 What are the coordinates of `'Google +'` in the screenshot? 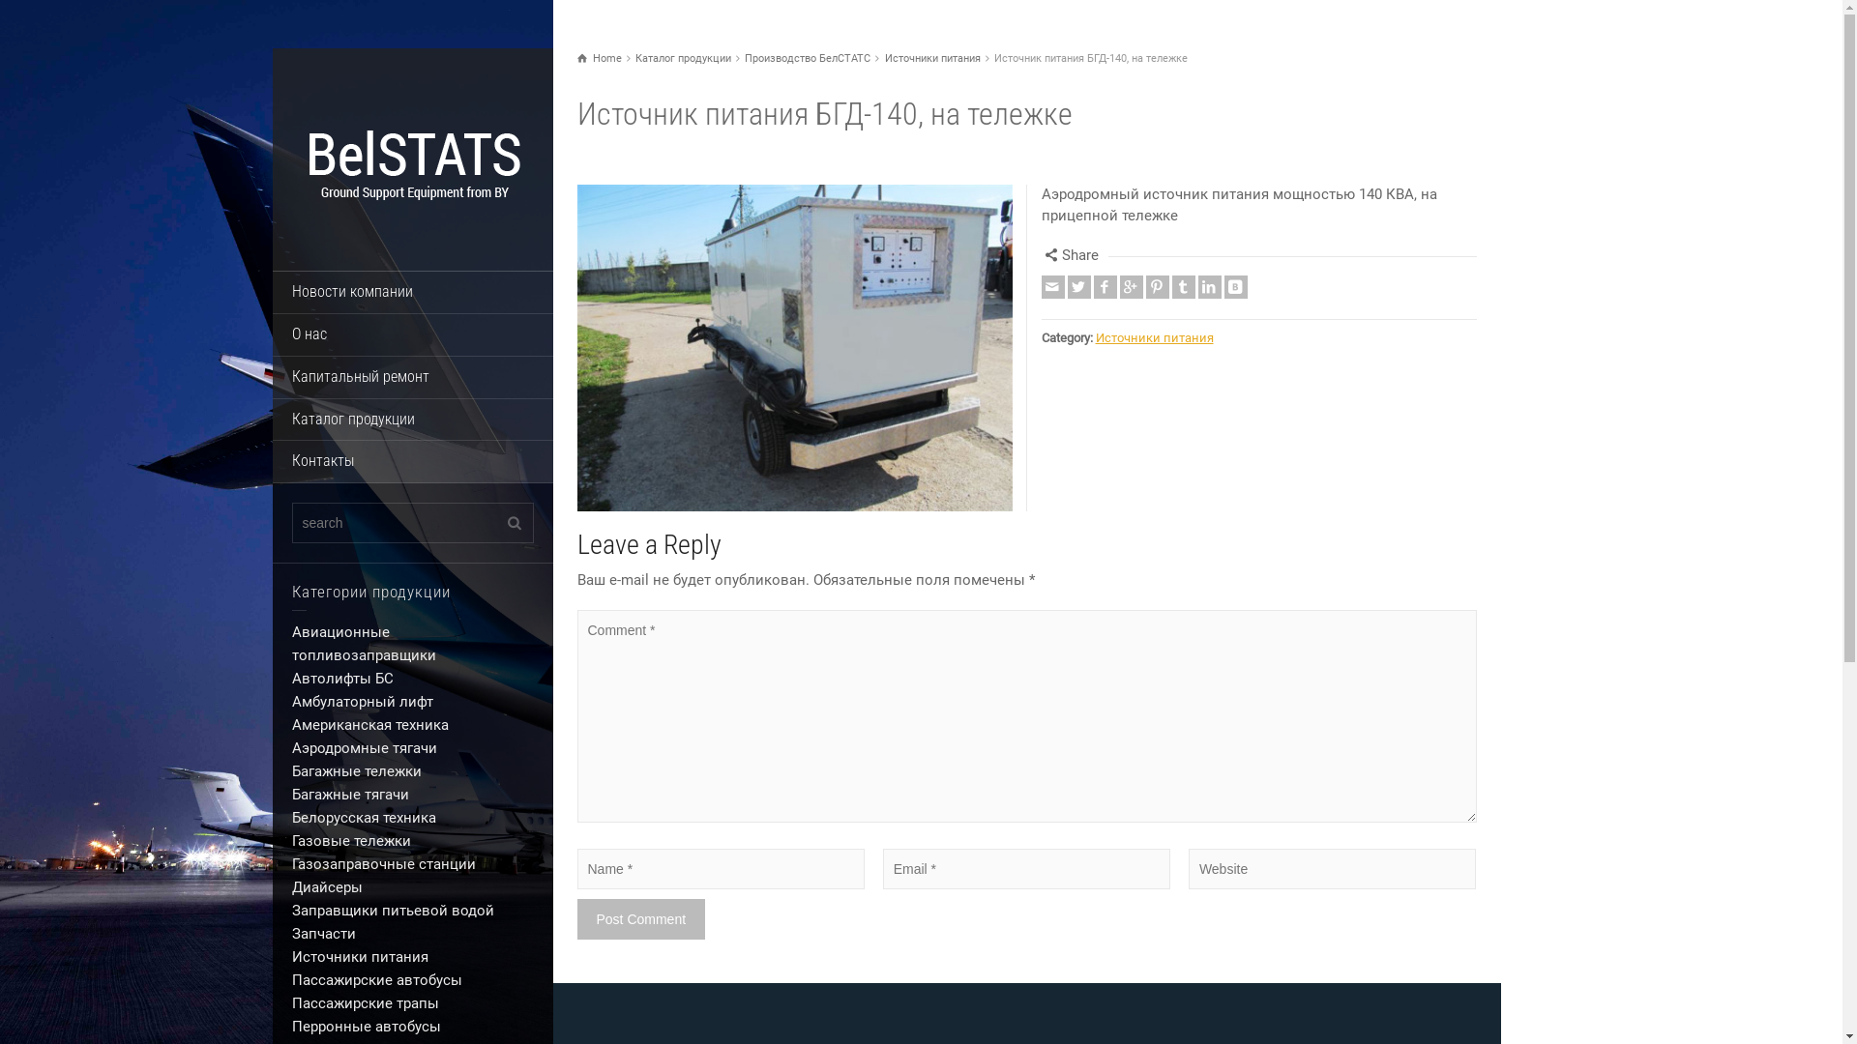 It's located at (1132, 287).